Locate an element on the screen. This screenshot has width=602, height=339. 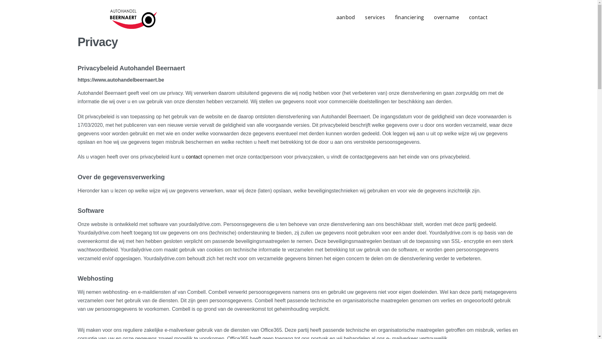
'contact' is located at coordinates (194, 156).